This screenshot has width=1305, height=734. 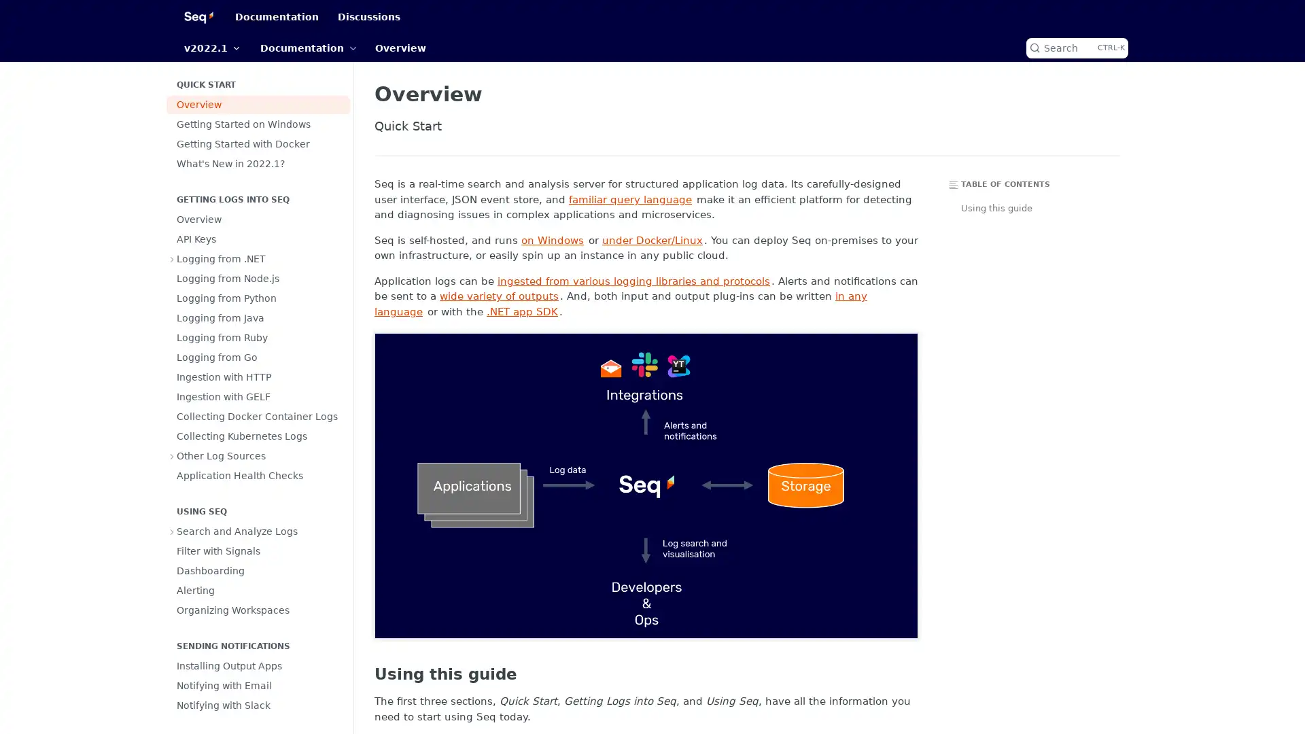 What do you see at coordinates (172, 531) in the screenshot?
I see `Show subpages for Search and Analyze Logs` at bounding box center [172, 531].